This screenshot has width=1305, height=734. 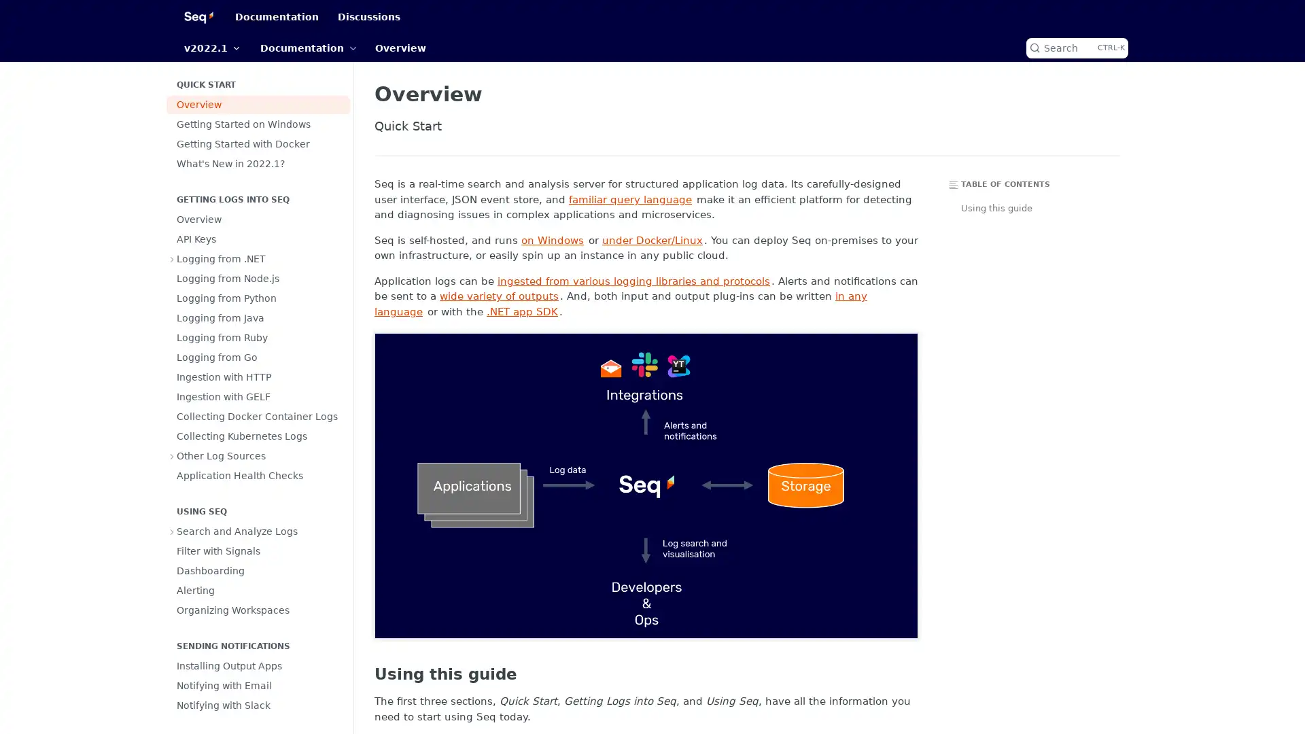 What do you see at coordinates (172, 531) in the screenshot?
I see `Show subpages for Search and Analyze Logs` at bounding box center [172, 531].